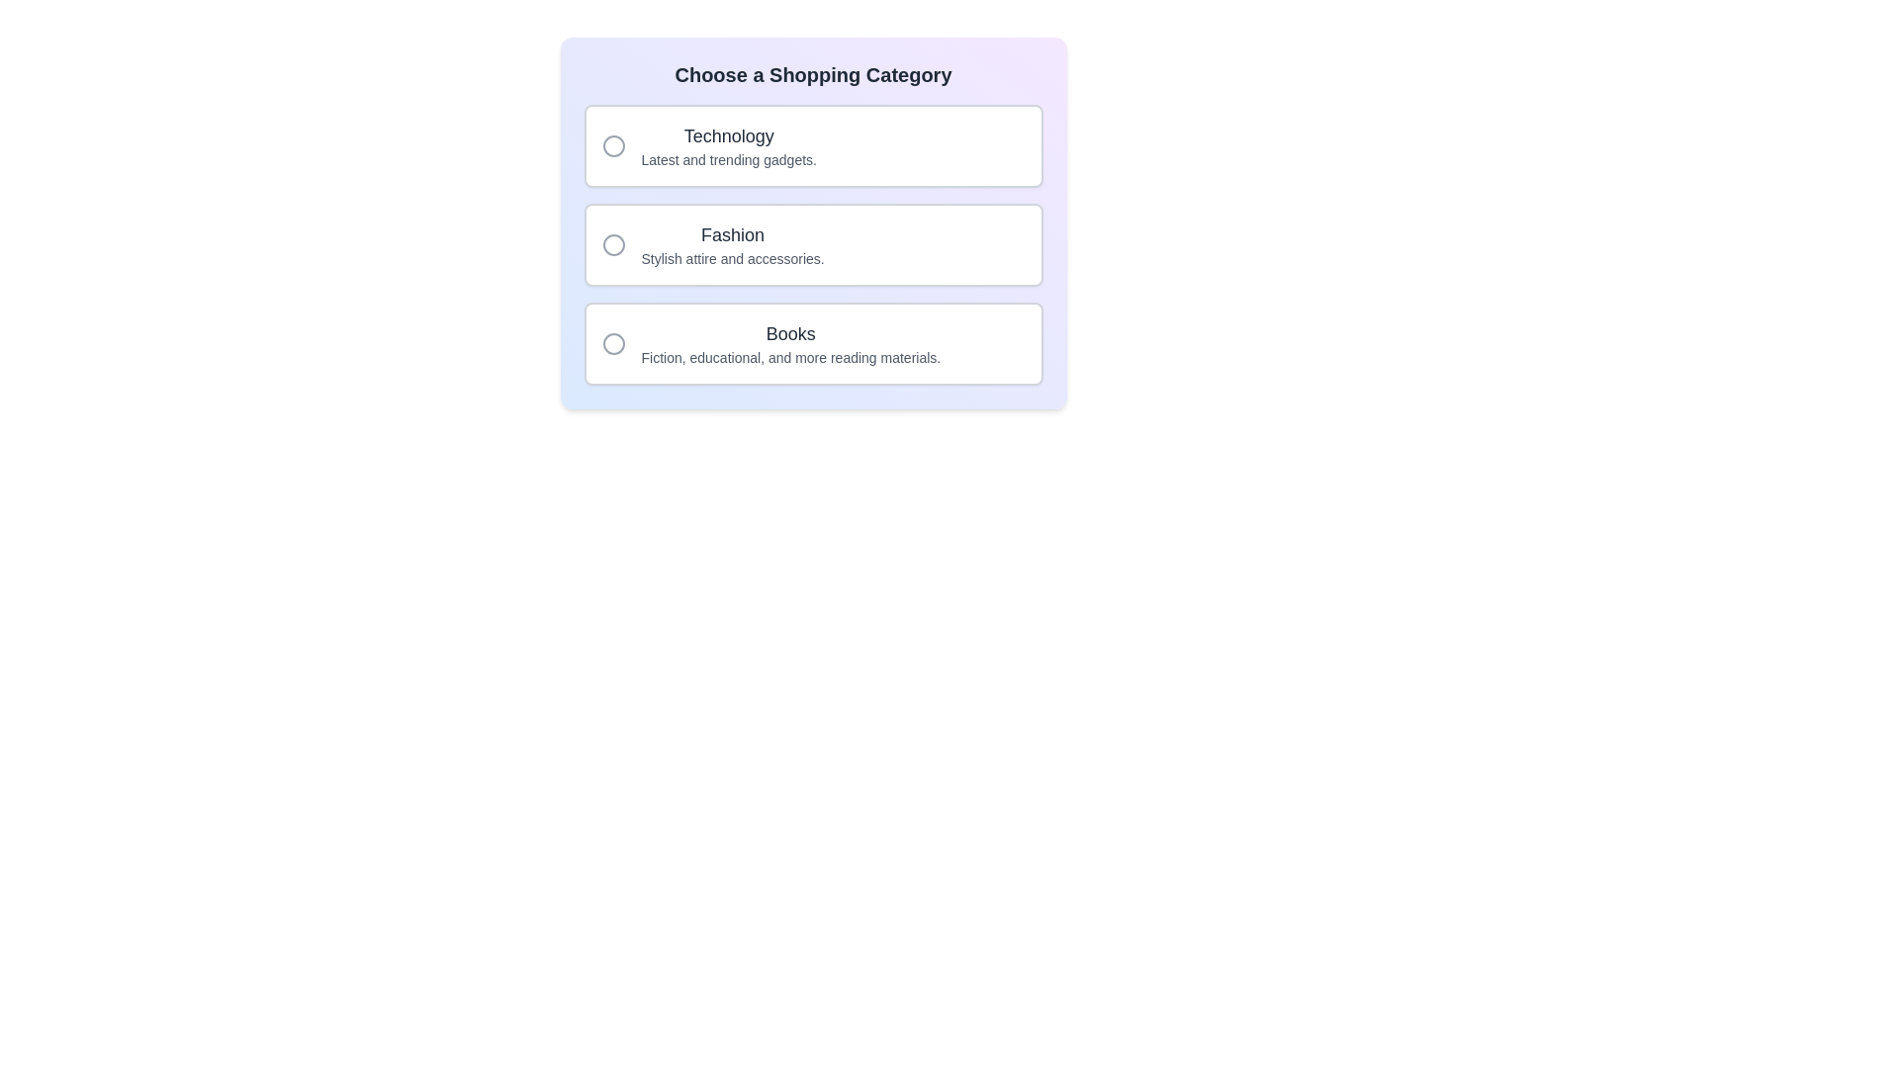  I want to click on the third card in the selectable list option, so click(813, 342).